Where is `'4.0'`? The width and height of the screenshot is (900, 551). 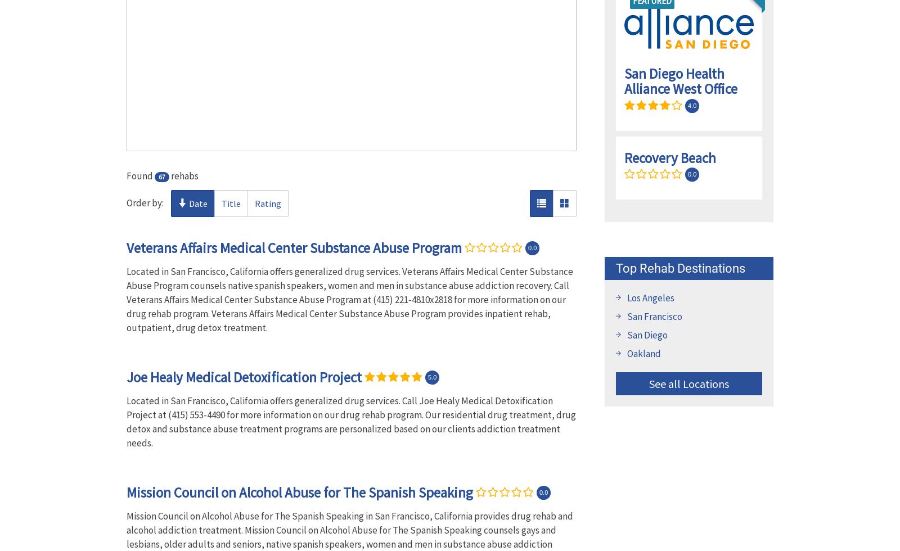
'4.0' is located at coordinates (687, 105).